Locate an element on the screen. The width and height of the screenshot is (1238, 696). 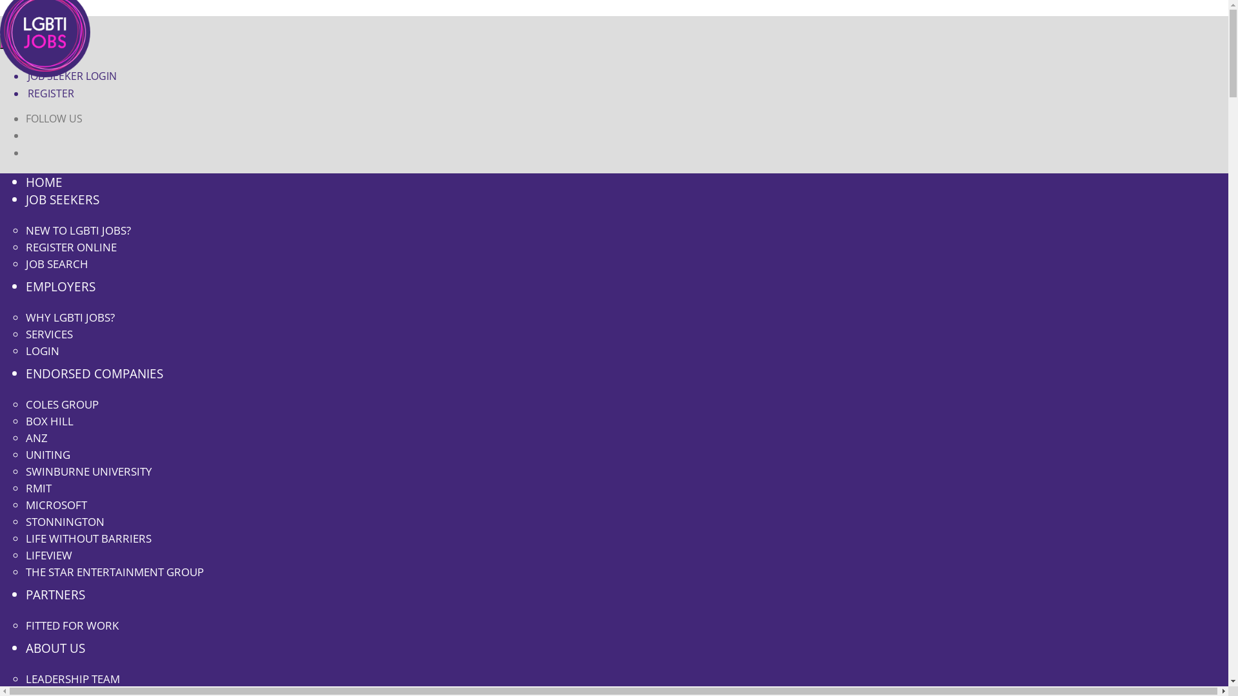
'ENDORSED COMPANIES' is located at coordinates (93, 373).